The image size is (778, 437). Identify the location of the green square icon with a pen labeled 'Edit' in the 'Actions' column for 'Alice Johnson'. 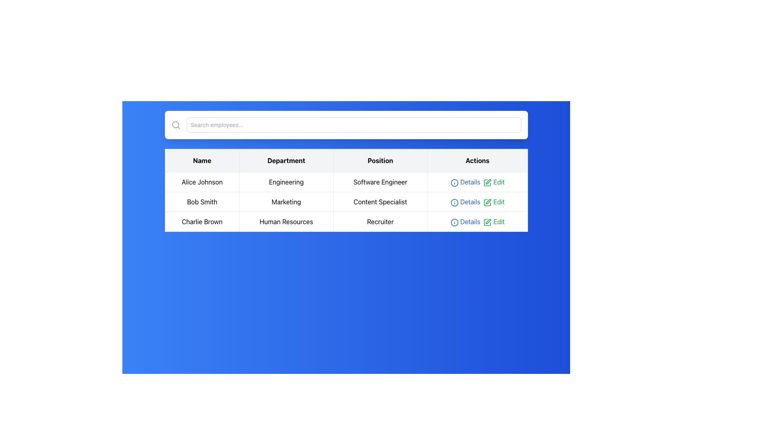
(487, 182).